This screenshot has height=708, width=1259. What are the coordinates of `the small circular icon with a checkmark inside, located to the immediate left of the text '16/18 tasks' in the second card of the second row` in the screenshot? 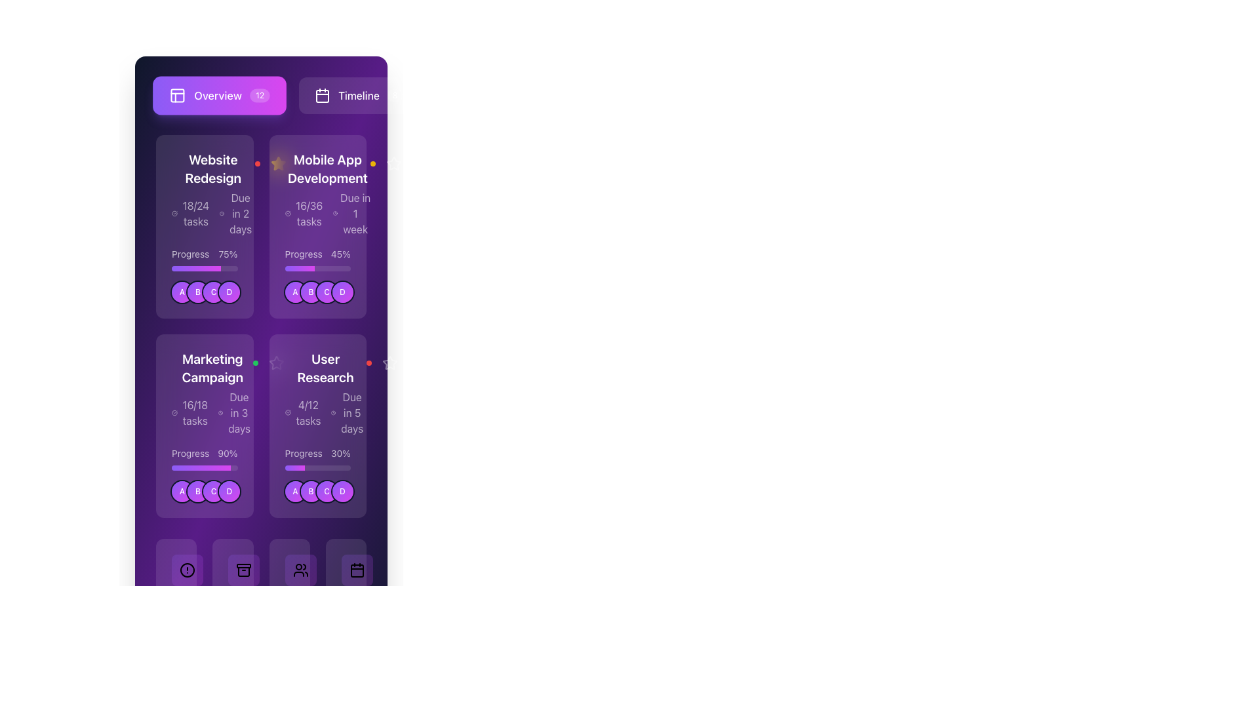 It's located at (174, 412).